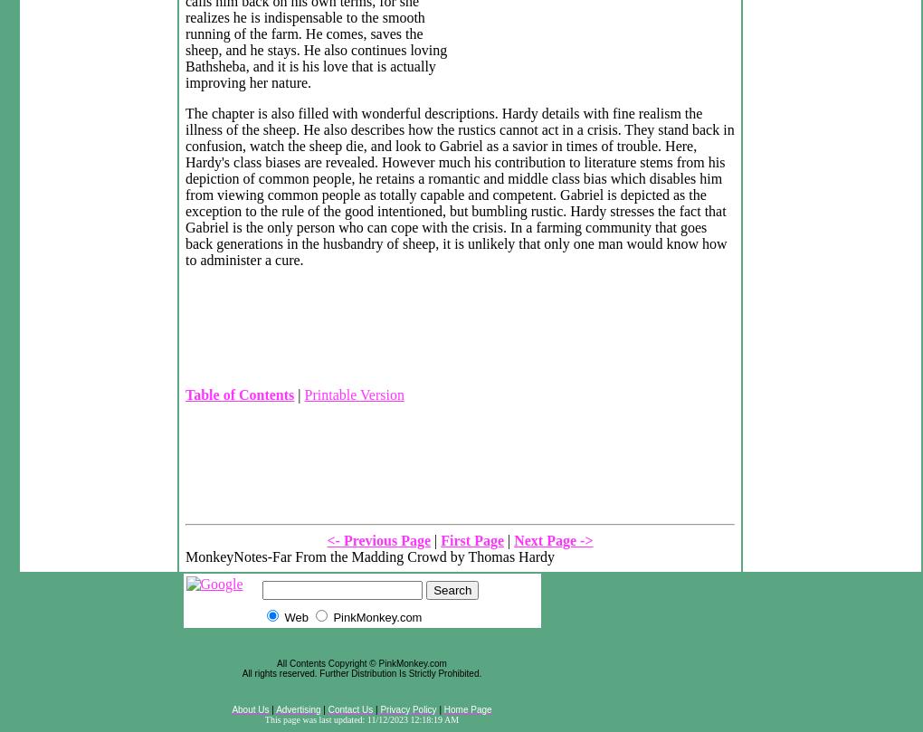  Describe the element at coordinates (405, 708) in the screenshot. I see `'Privacy Policy'` at that location.